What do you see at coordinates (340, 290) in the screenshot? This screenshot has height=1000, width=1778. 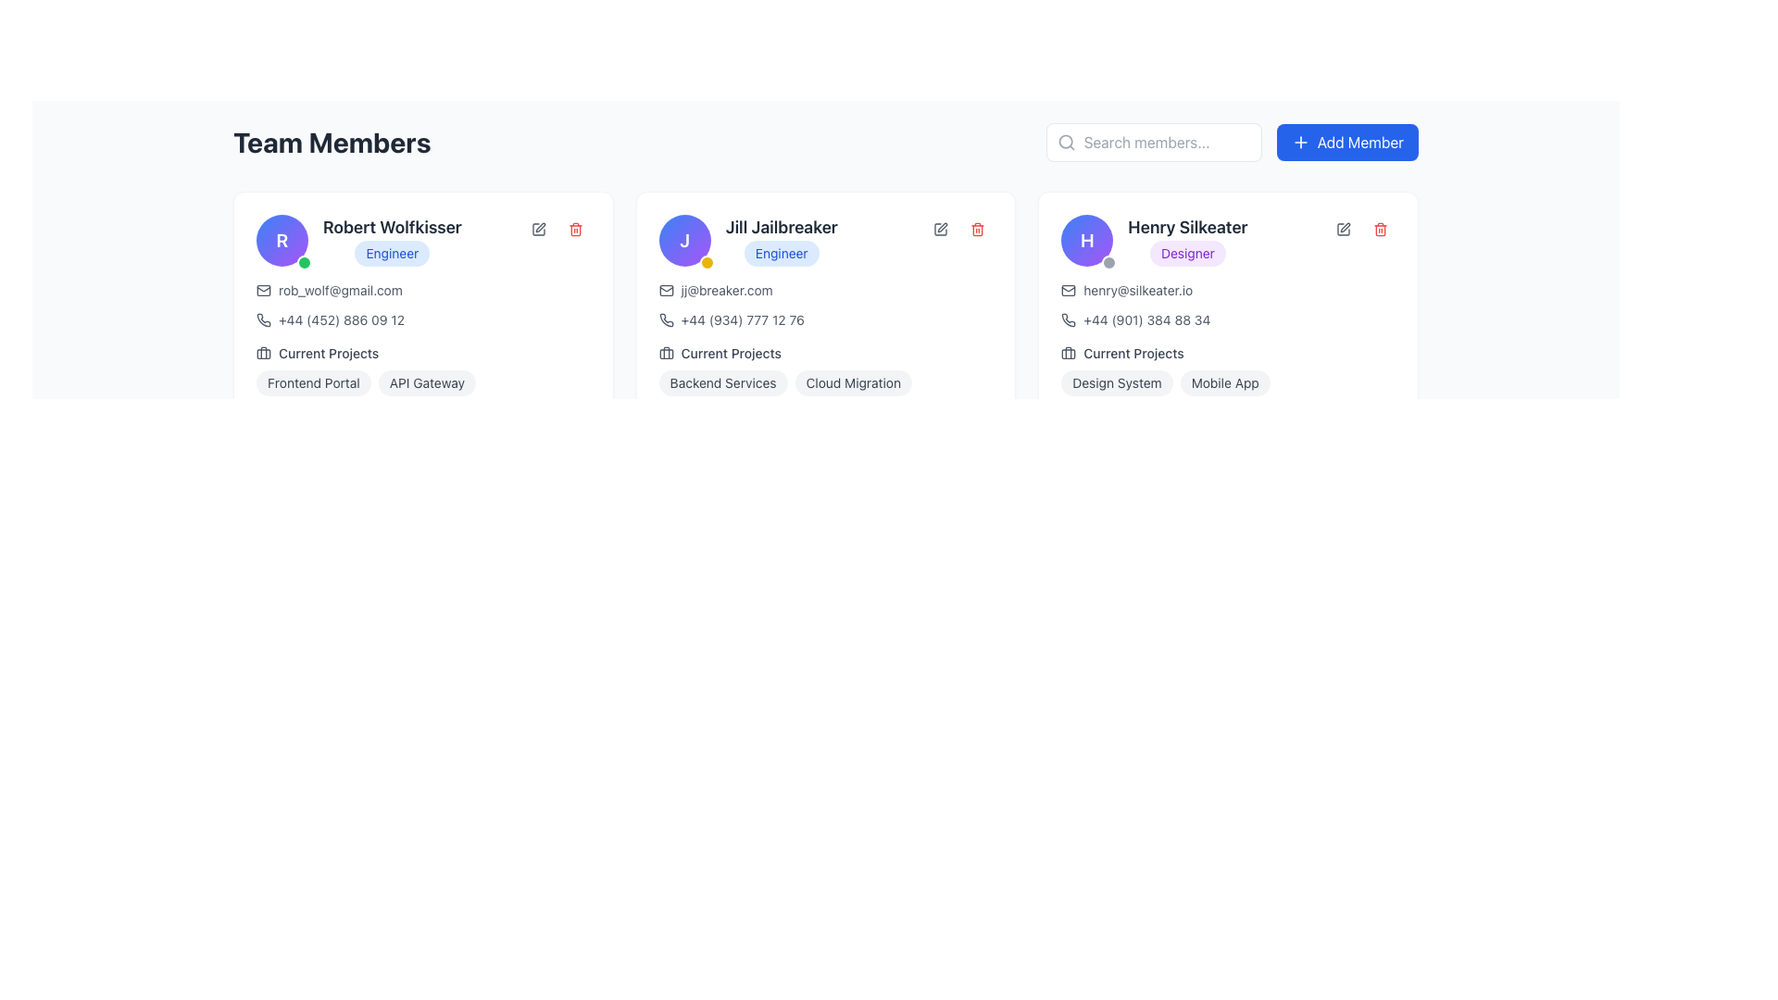 I see `the email hyperlink located below the envelope icon in the user profile card` at bounding box center [340, 290].